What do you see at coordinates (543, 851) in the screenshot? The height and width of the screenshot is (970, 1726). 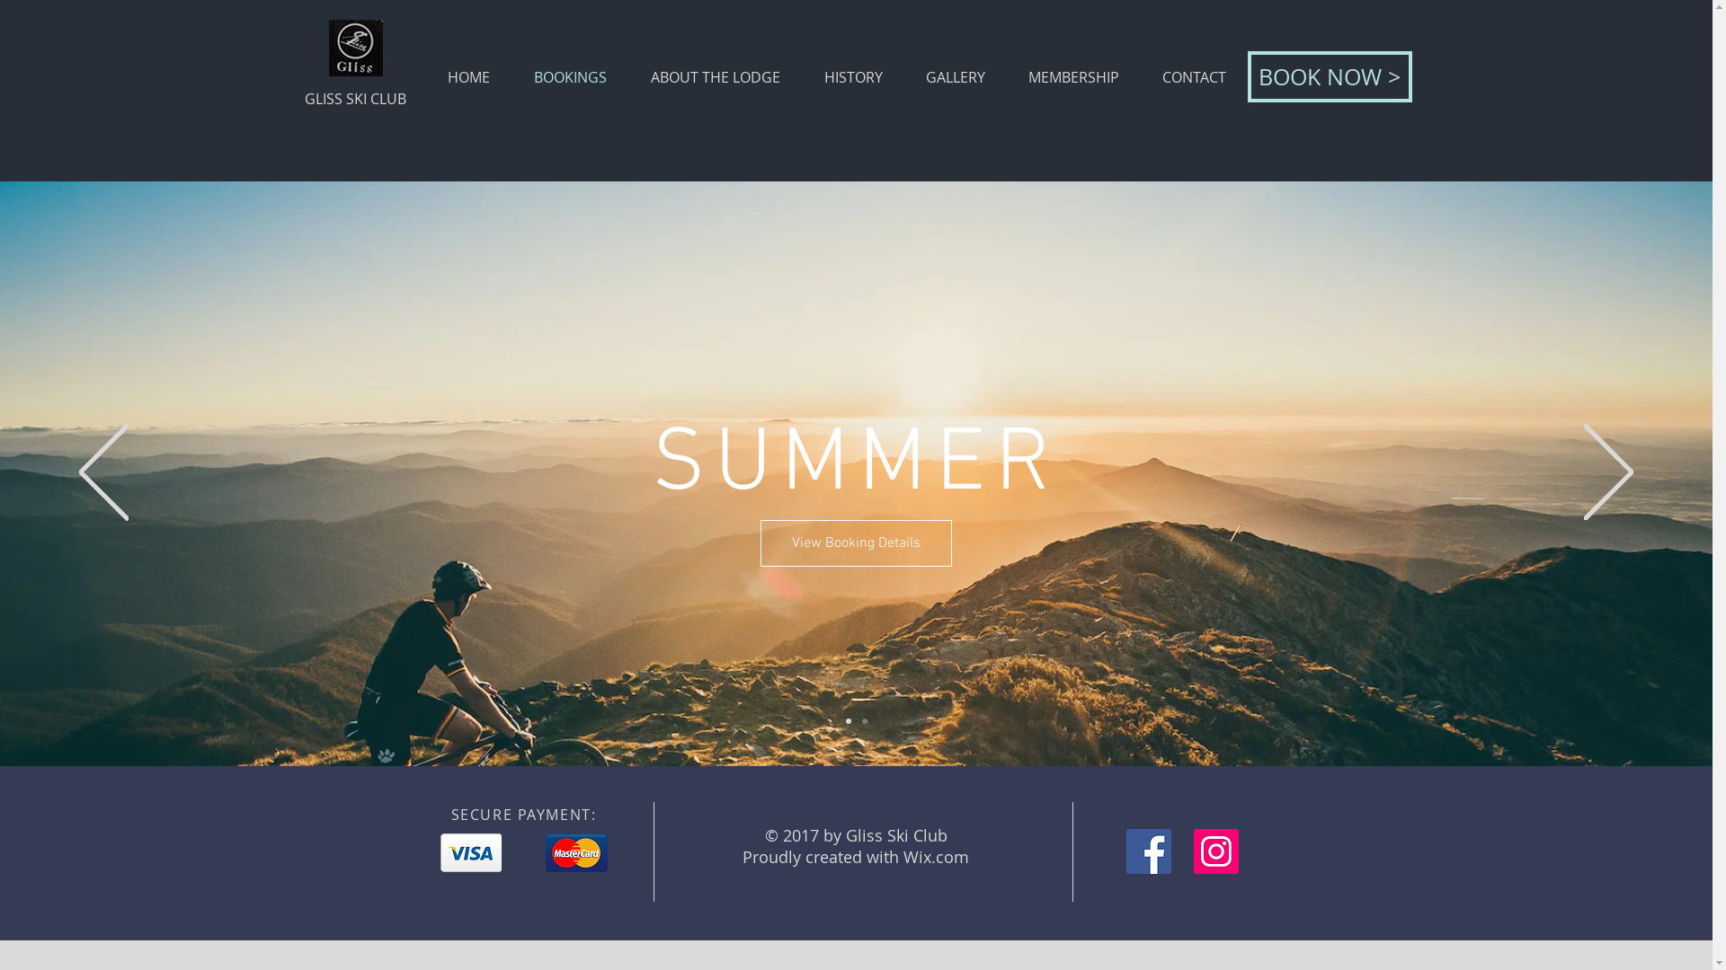 I see `'master.png'` at bounding box center [543, 851].